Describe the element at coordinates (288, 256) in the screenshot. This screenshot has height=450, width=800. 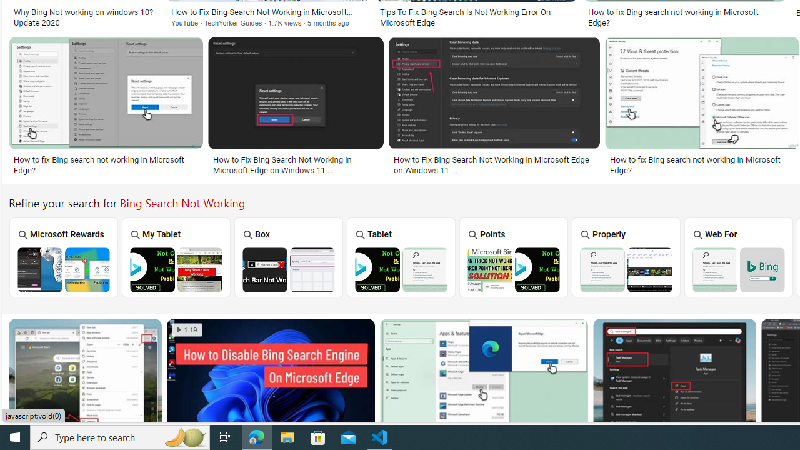
I see `'Bing Search Box Not Working Box'` at that location.